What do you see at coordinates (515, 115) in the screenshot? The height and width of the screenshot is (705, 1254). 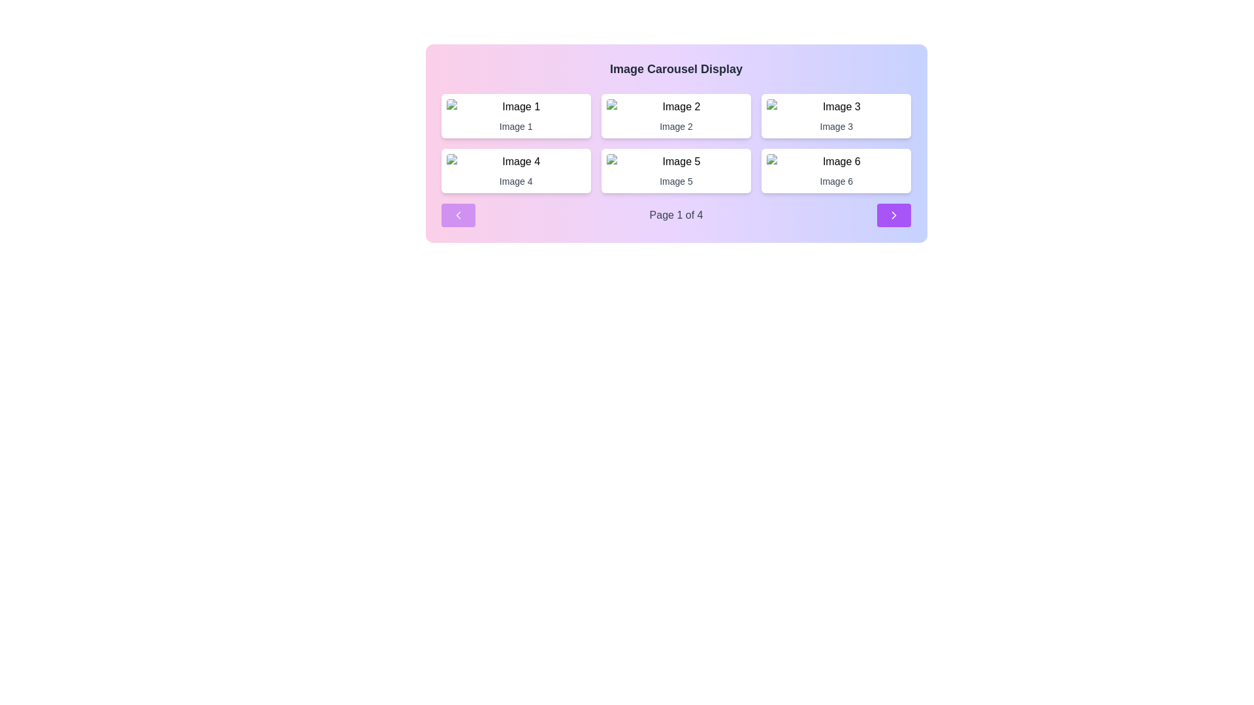 I see `the first card component in the grid, which has a white background, rounded corners, and contains an image placeholder labeled 'Image 1' at the top with centered text 'Image 1' below it` at bounding box center [515, 115].